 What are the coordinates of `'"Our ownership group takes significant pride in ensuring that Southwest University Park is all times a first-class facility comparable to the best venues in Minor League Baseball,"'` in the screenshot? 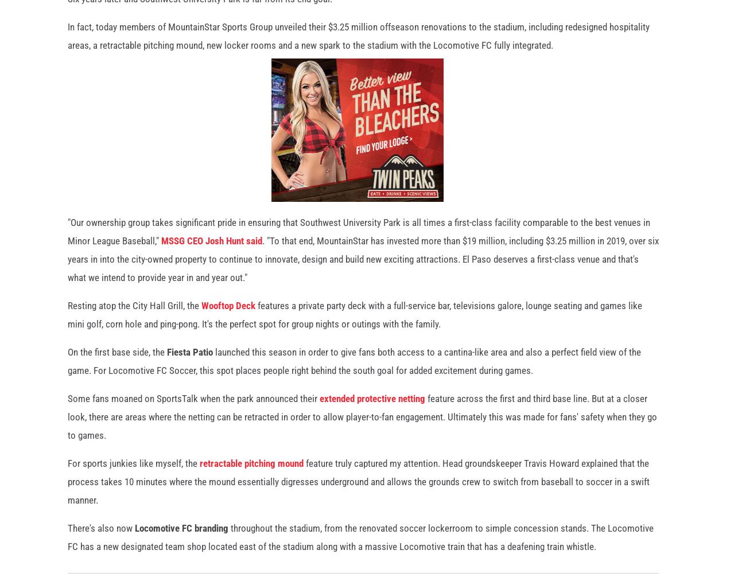 It's located at (358, 236).